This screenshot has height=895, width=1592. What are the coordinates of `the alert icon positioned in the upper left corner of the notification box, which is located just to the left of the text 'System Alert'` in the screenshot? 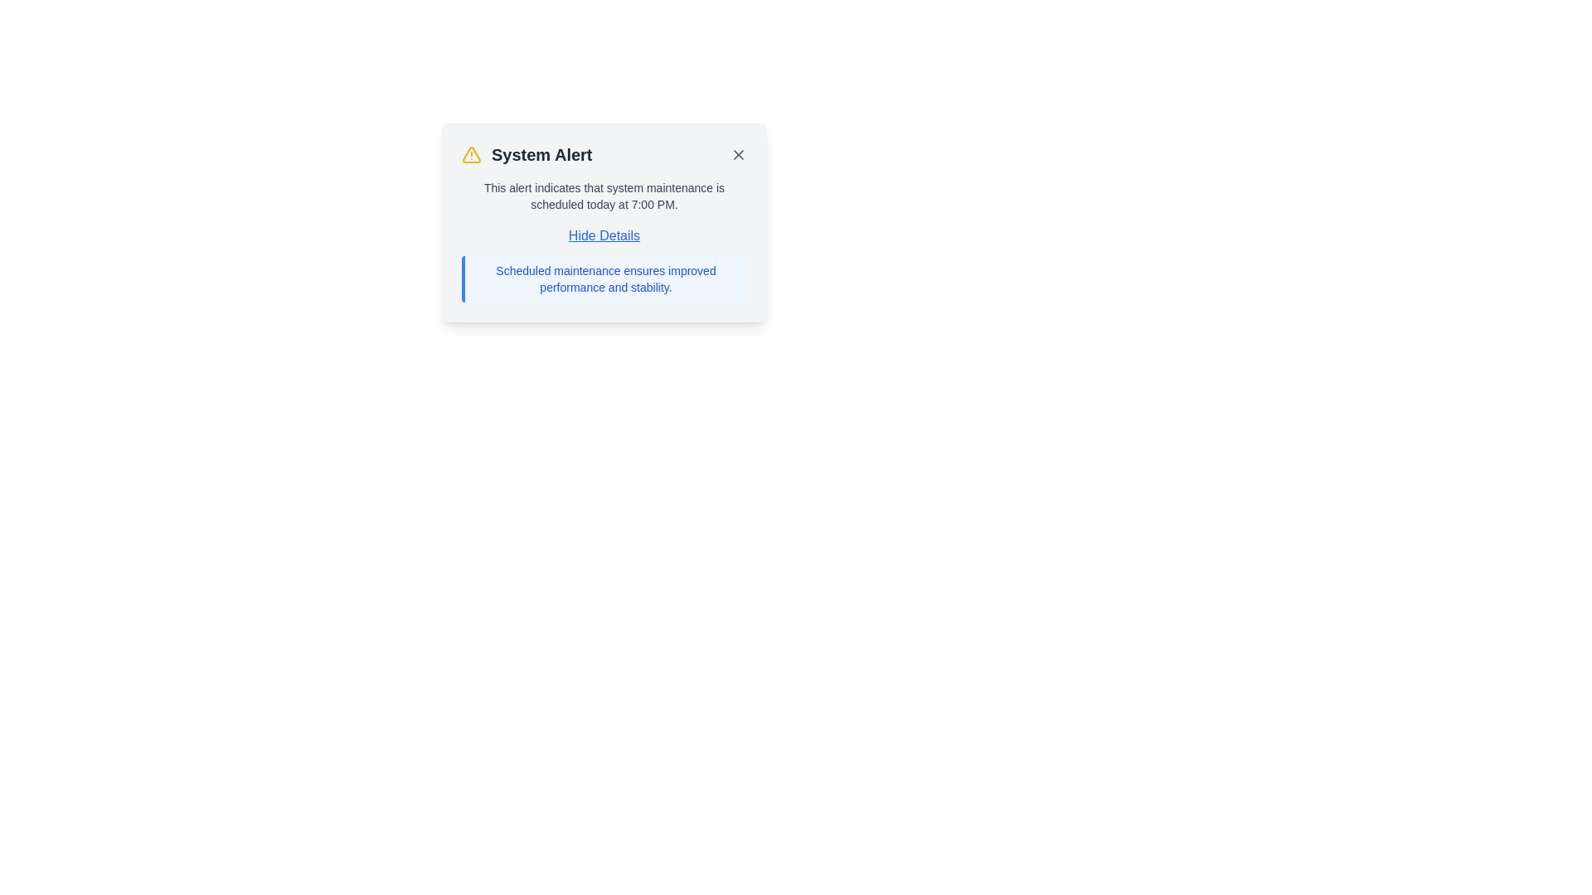 It's located at (470, 154).